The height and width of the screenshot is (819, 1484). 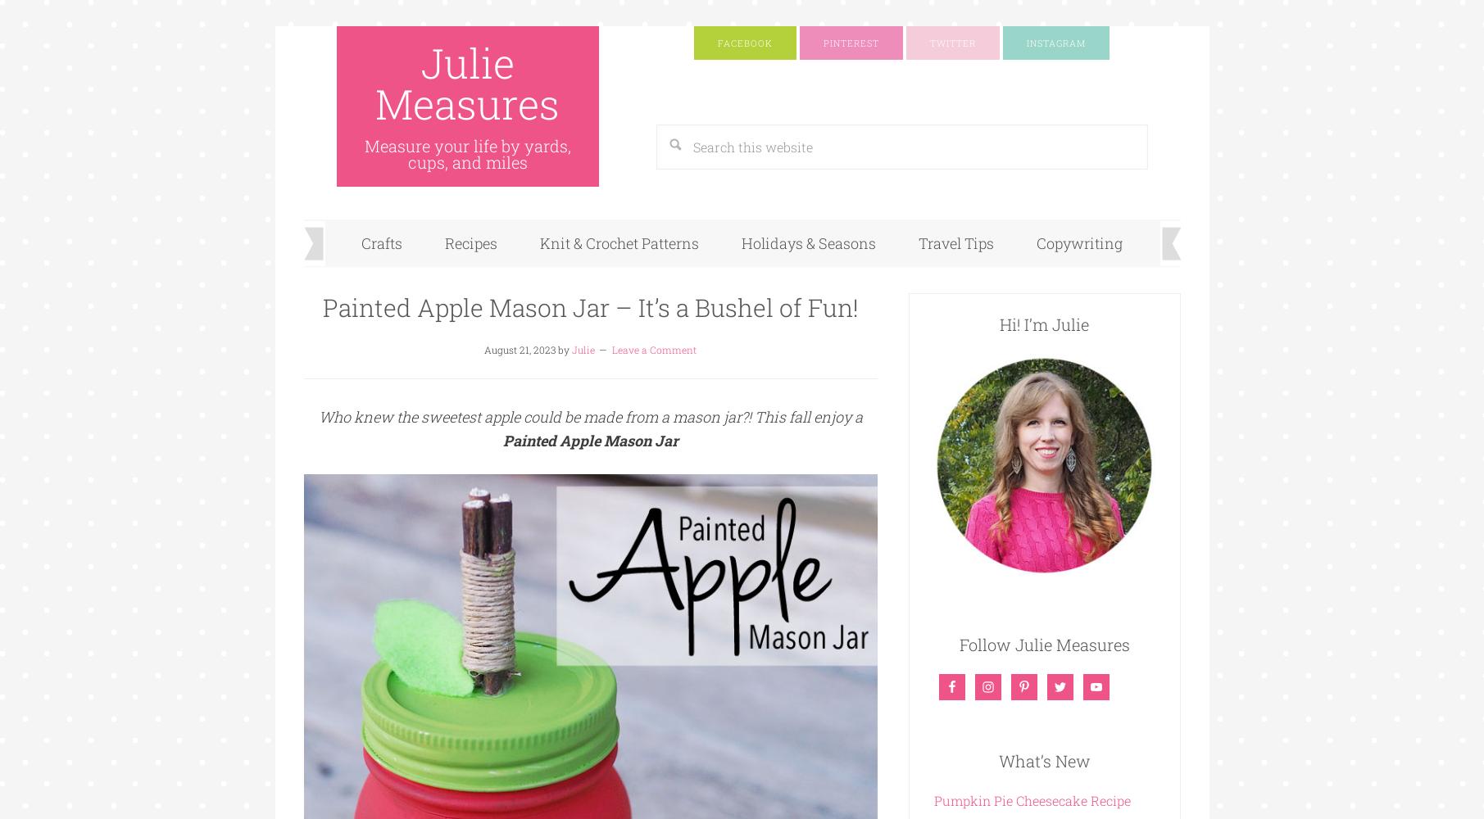 I want to click on 'Measure your life by yards, cups, and miles', so click(x=465, y=154).